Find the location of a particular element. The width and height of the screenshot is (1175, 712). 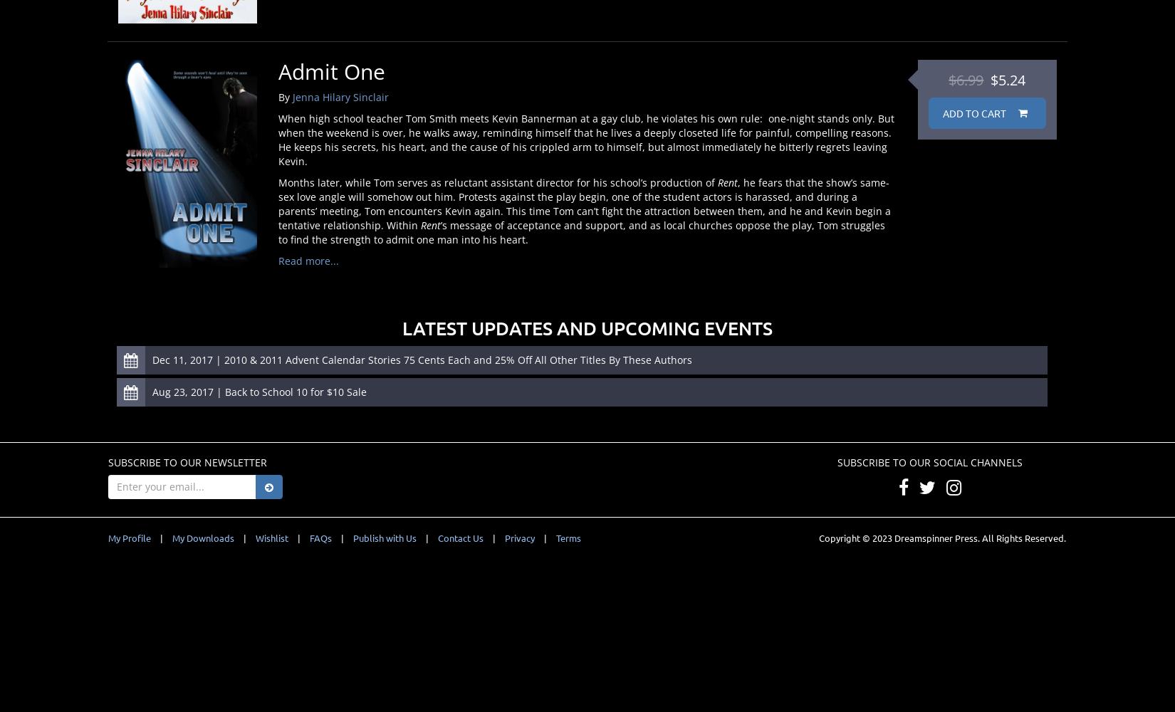

'Latest Updates and Upcoming Events' is located at coordinates (587, 326).